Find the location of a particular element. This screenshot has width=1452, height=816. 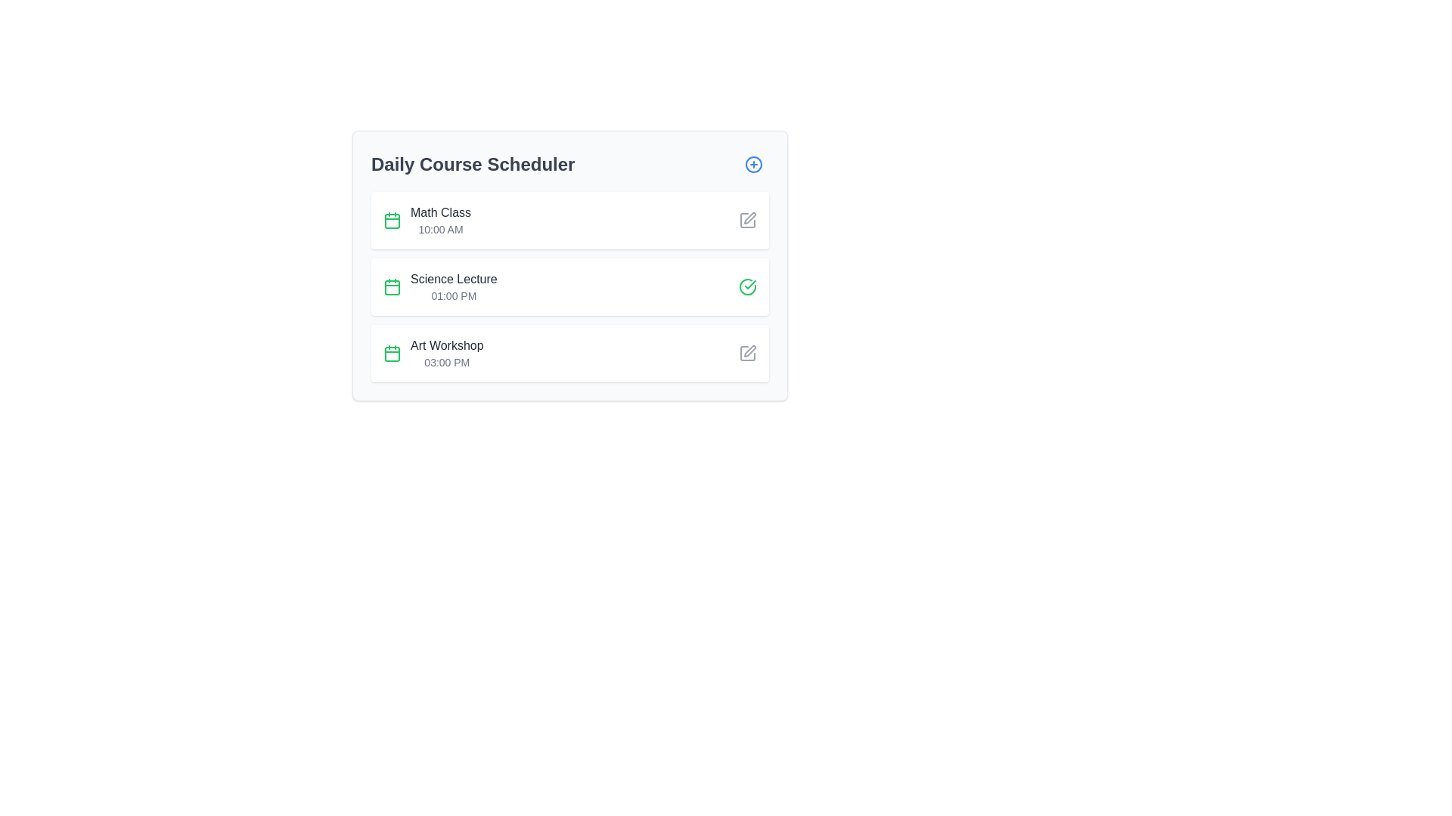

the text label that serves as the title of the 'Art Workshop' activity in the schedule for accessibility purposes is located at coordinates (446, 346).